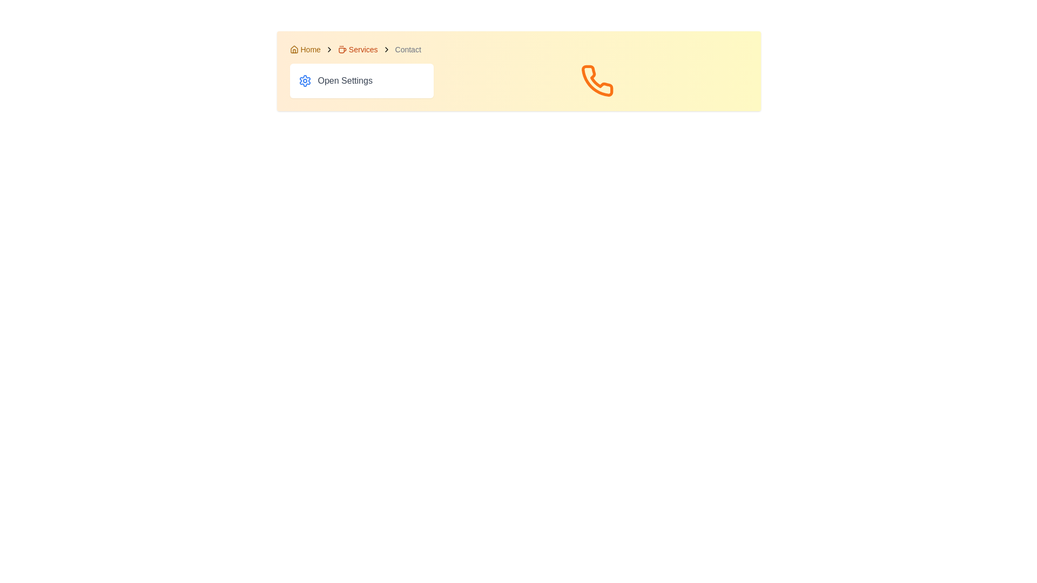 The width and height of the screenshot is (1037, 583). I want to click on the third item in the breadcrumb navigation trail, which indicates the current page location within the application hierarchy, so click(407, 50).